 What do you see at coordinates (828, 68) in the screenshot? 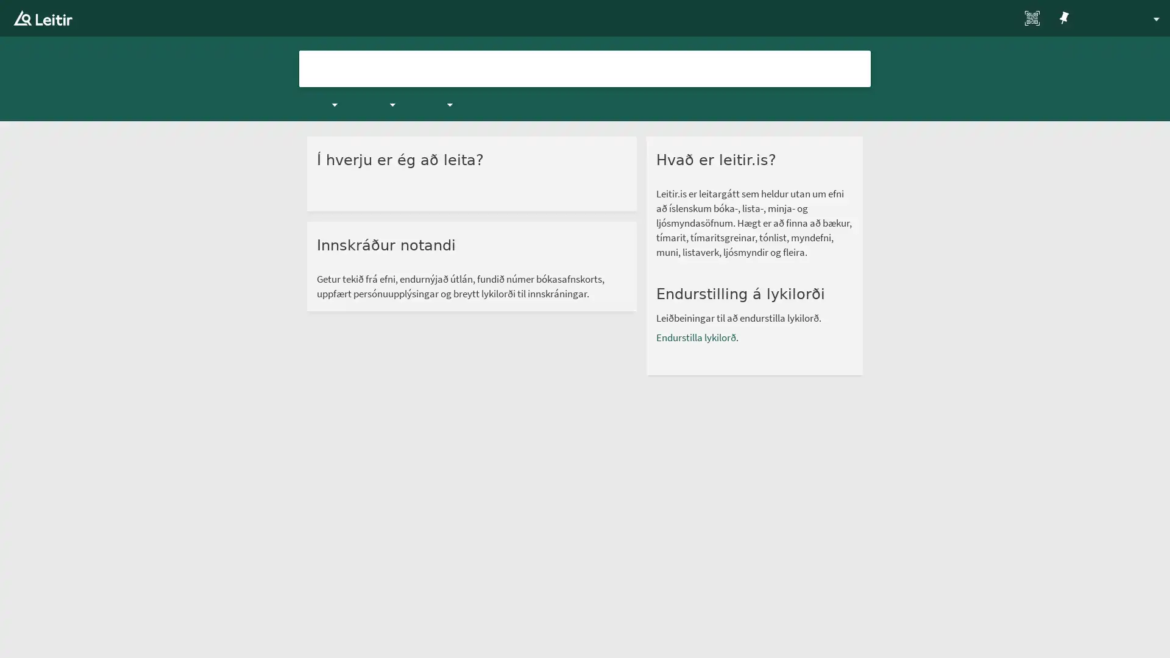
I see `Opna raddleit` at bounding box center [828, 68].